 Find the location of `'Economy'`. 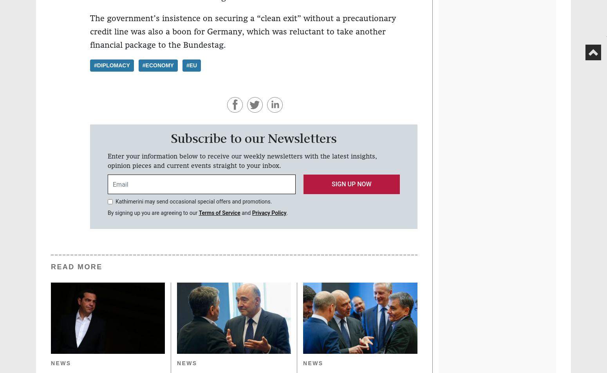

'Economy' is located at coordinates (159, 65).